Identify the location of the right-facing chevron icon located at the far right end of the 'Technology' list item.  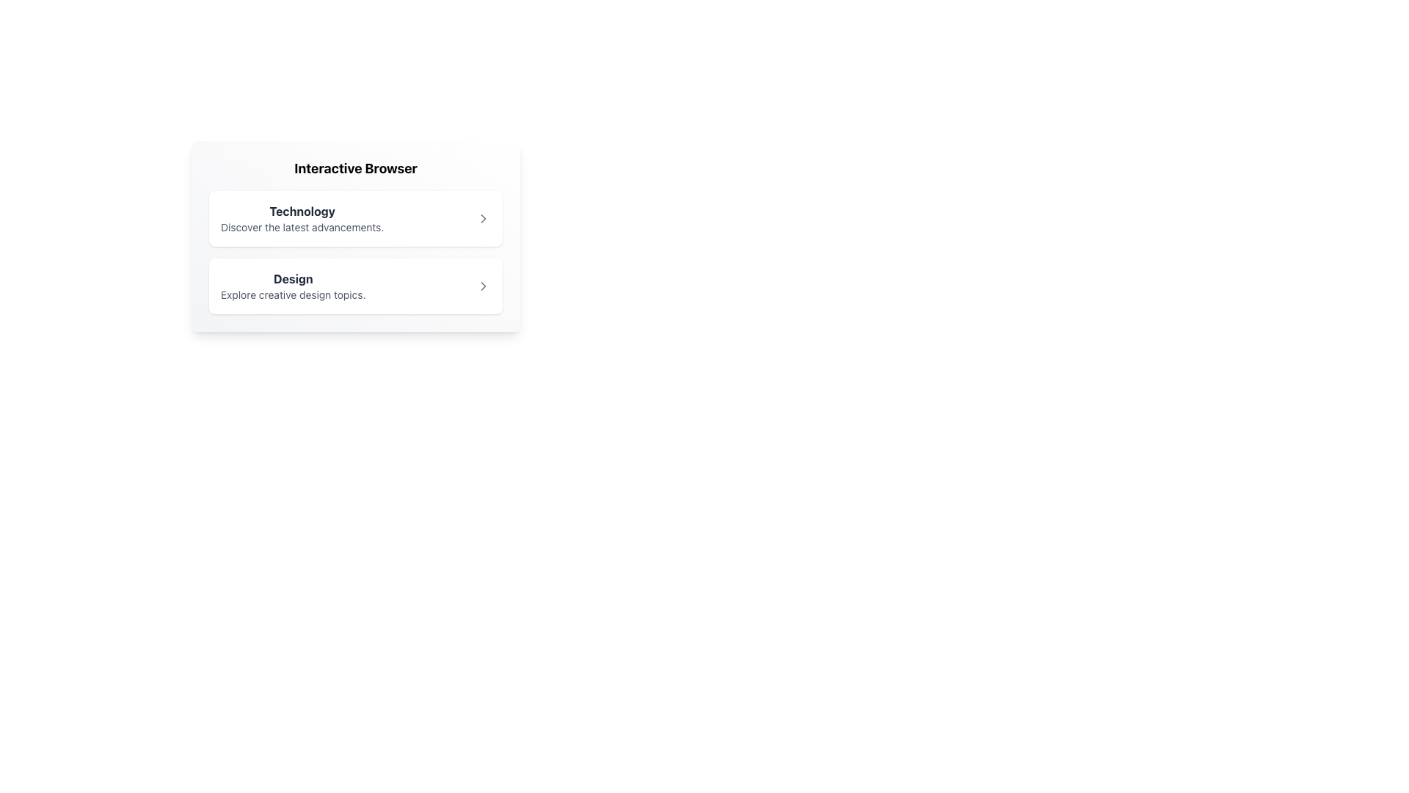
(483, 218).